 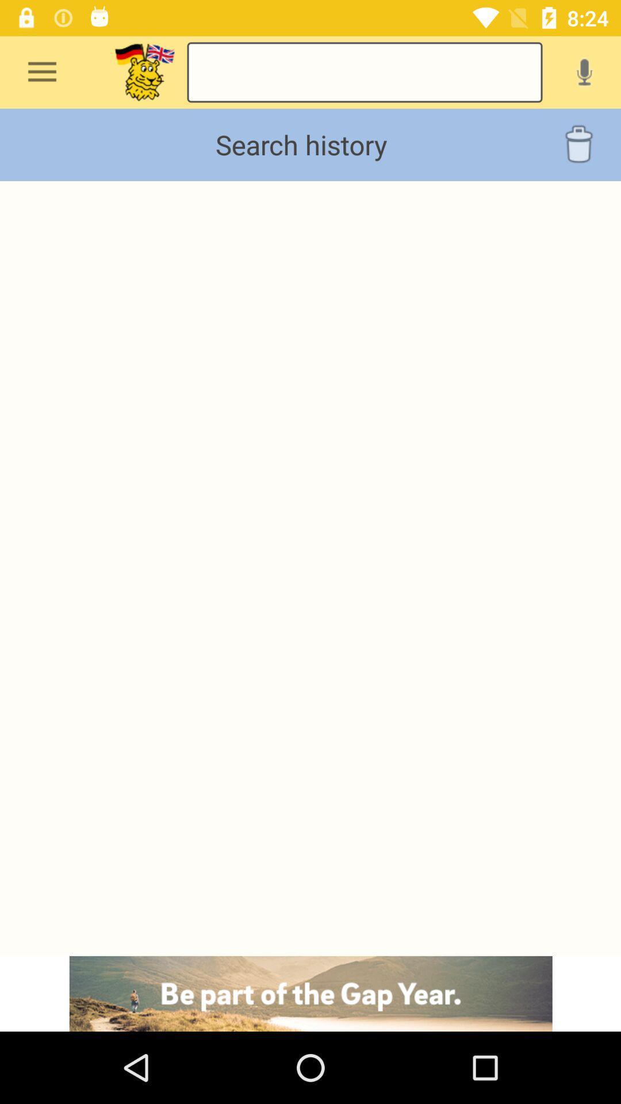 I want to click on search box, so click(x=365, y=71).